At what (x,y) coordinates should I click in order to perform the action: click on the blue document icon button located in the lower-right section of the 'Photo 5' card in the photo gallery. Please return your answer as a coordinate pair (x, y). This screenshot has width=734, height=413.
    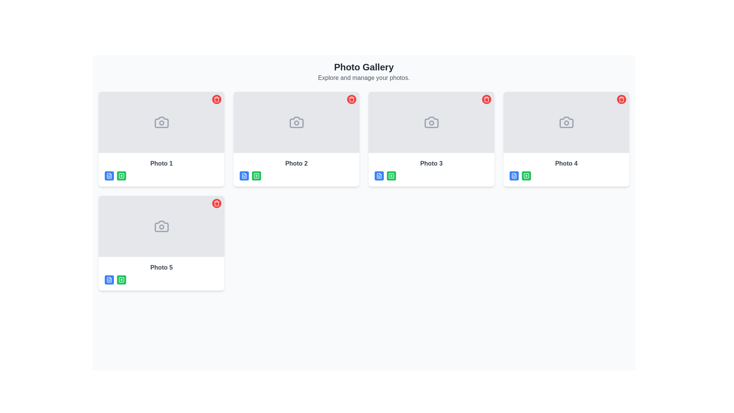
    Looking at the image, I should click on (109, 280).